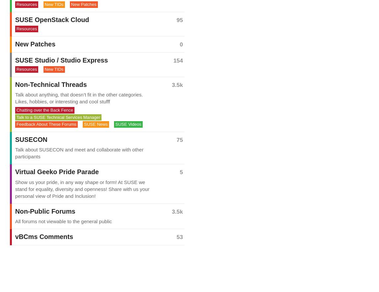  Describe the element at coordinates (128, 124) in the screenshot. I see `'SUSE Videos'` at that location.